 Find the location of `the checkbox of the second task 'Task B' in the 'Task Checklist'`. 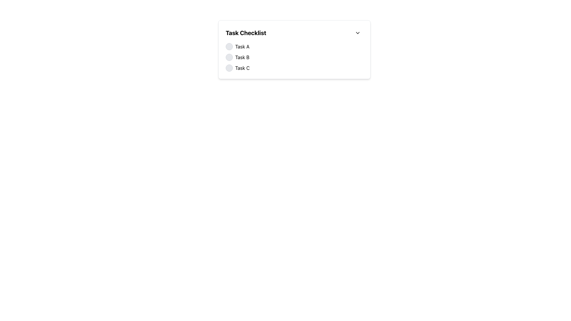

the checkbox of the second task 'Task B' in the 'Task Checklist' is located at coordinates (294, 57).